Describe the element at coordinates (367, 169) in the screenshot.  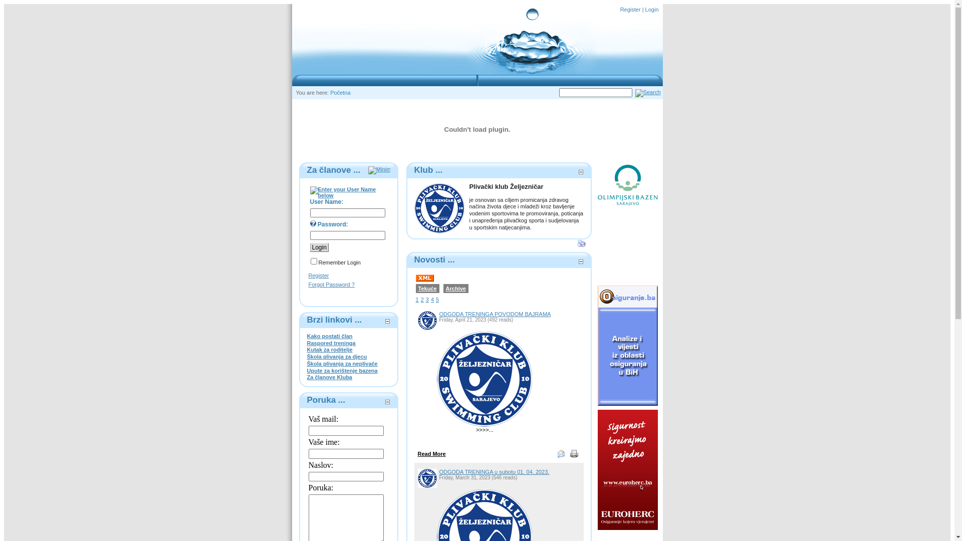
I see `'Minimize'` at that location.